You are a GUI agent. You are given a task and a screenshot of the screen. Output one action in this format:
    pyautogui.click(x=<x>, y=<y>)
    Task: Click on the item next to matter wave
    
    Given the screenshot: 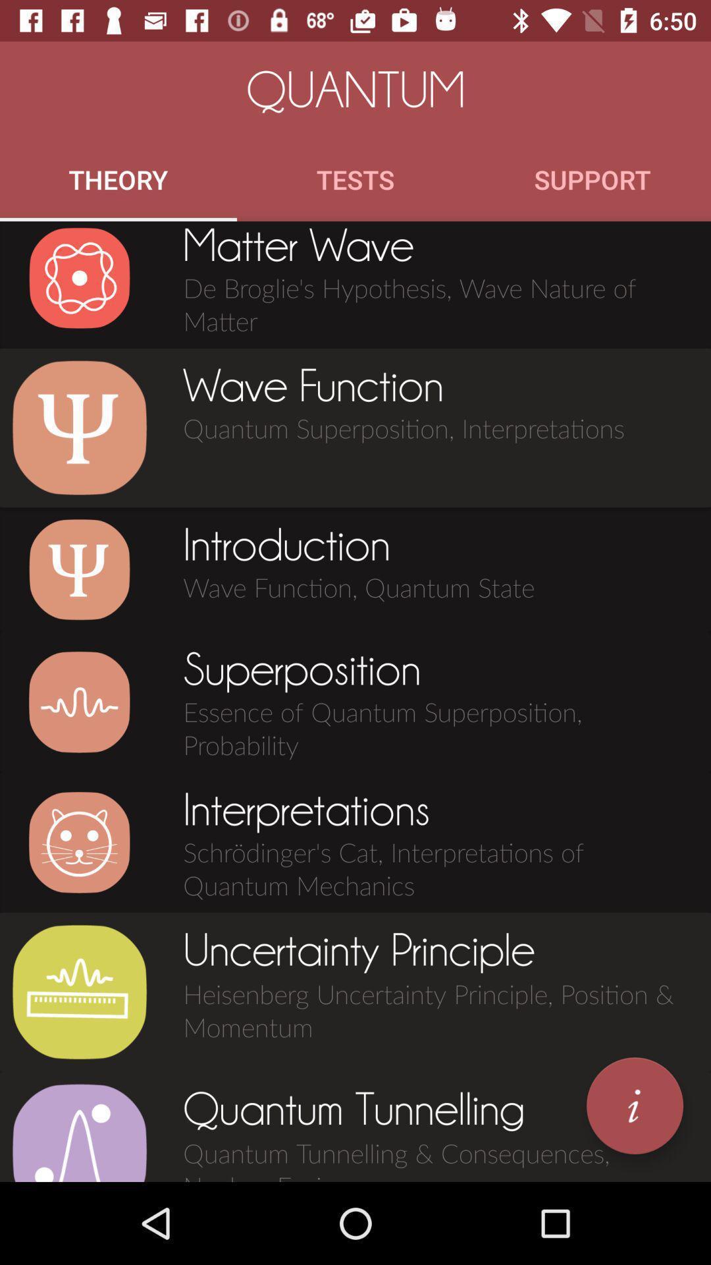 What is the action you would take?
    pyautogui.click(x=79, y=277)
    